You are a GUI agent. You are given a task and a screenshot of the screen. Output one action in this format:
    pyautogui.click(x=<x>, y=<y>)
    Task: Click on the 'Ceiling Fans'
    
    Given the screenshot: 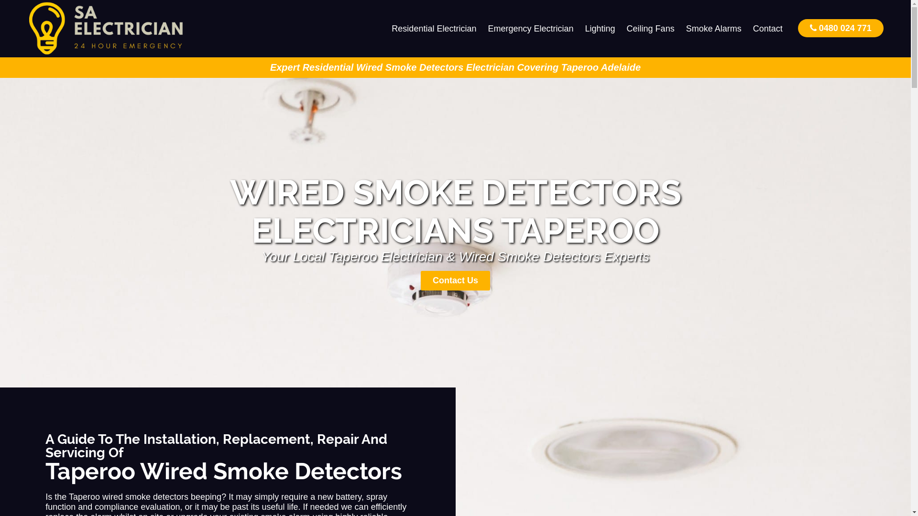 What is the action you would take?
    pyautogui.click(x=621, y=28)
    